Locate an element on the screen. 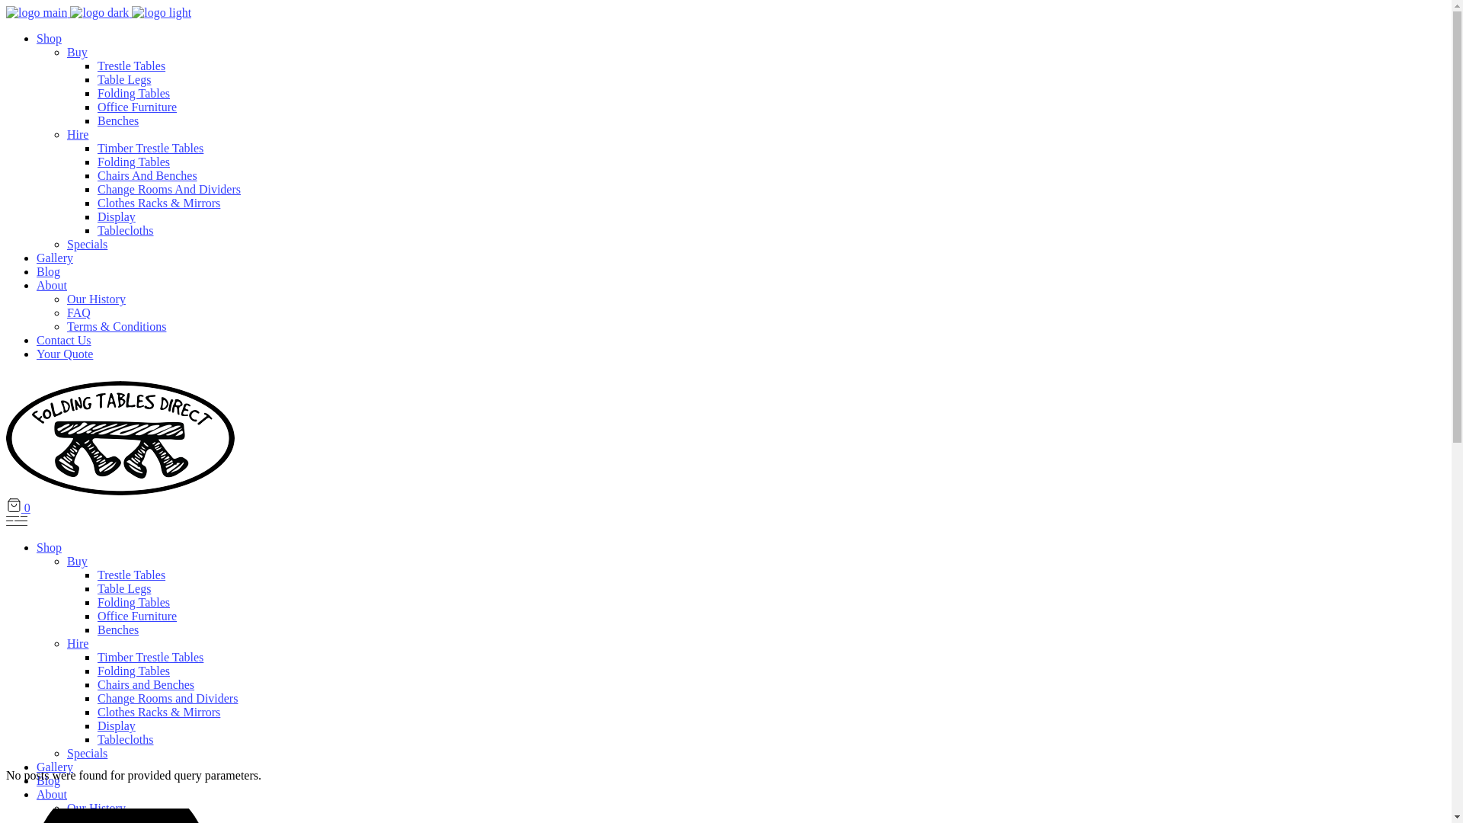  'Table Legs' is located at coordinates (124, 588).